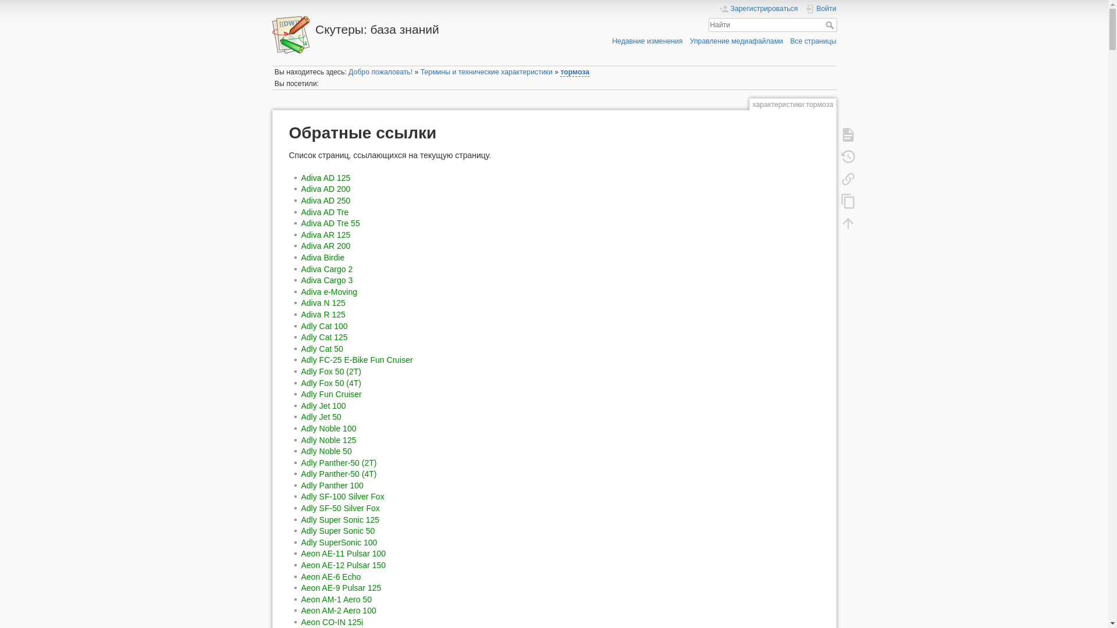  I want to click on '[F]', so click(773, 25).